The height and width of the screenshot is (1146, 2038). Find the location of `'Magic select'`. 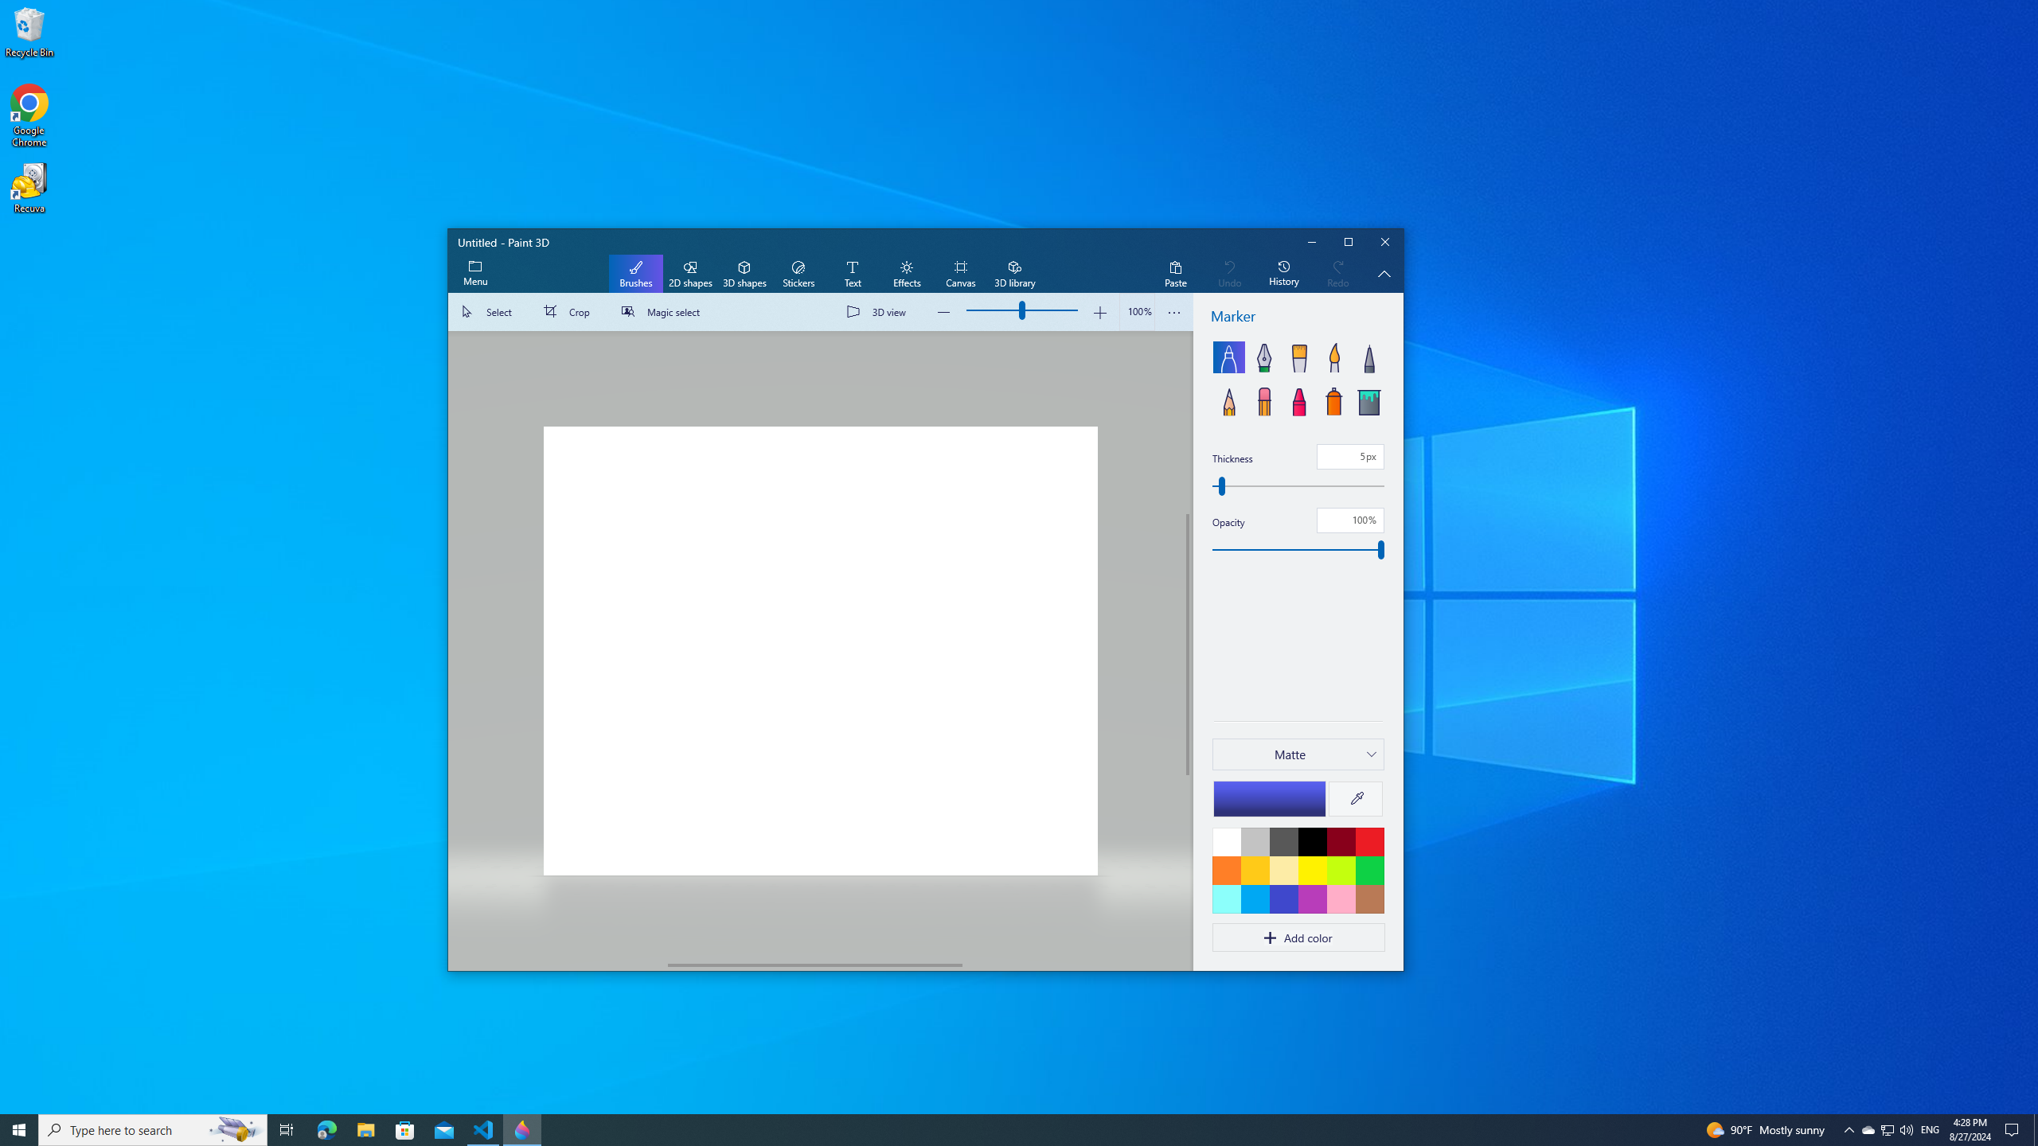

'Magic select' is located at coordinates (663, 311).